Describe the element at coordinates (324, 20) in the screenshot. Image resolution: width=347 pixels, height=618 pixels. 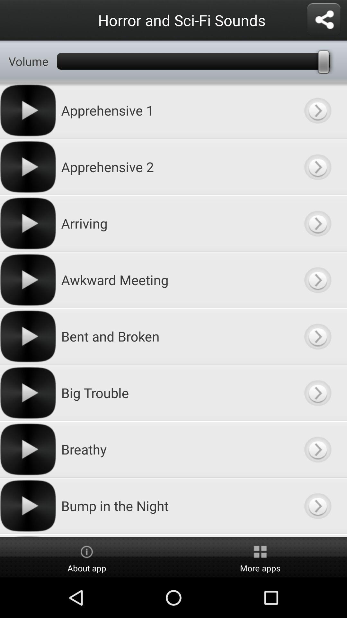
I see `options` at that location.